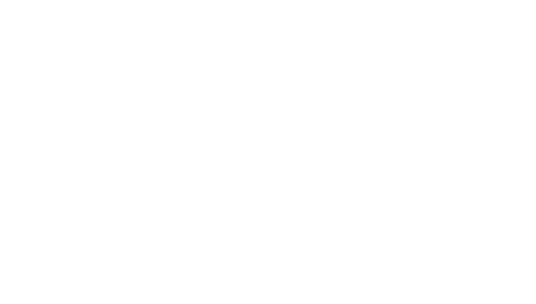  Describe the element at coordinates (247, 190) in the screenshot. I see `'JBL Professional has unveiled its new JBL IRX ONE All-in-One Column PA, intended for small performances, presentations, busking and the like.'` at that location.